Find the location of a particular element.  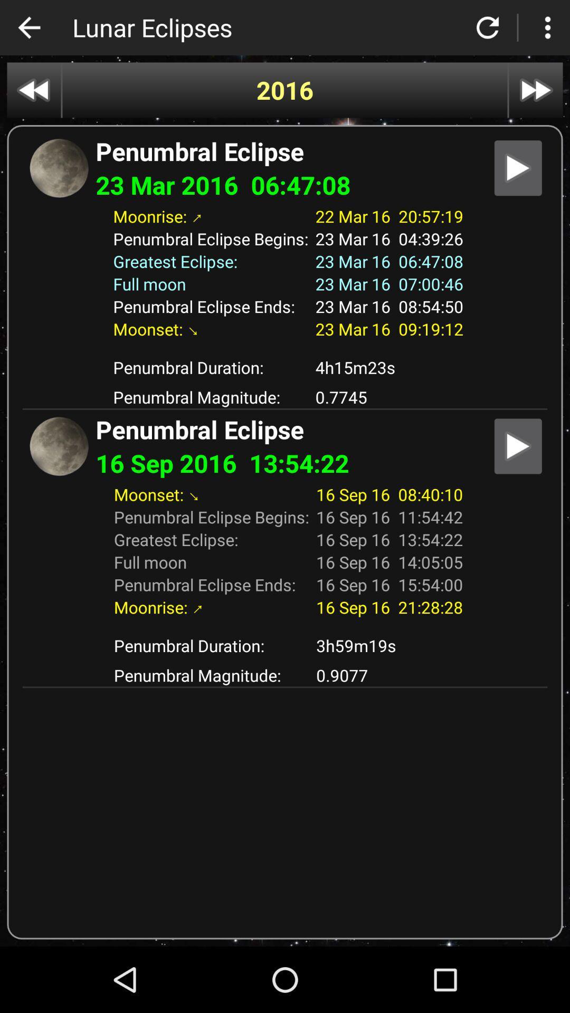

the app above penumbral duration: icon is located at coordinates (284, 348).